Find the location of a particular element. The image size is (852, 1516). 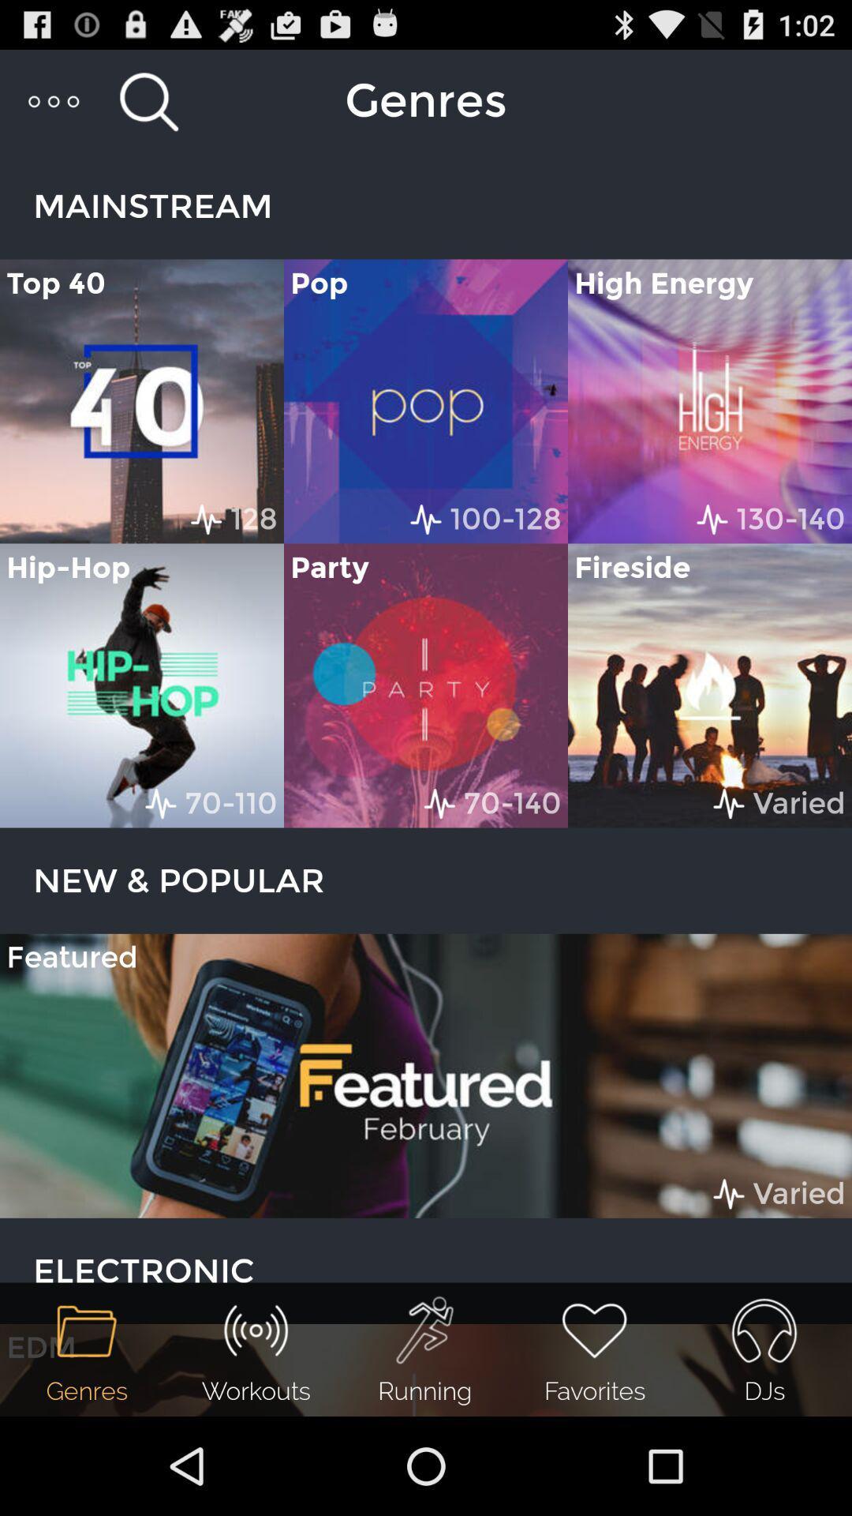

the icon above workouts is located at coordinates (255, 1330).